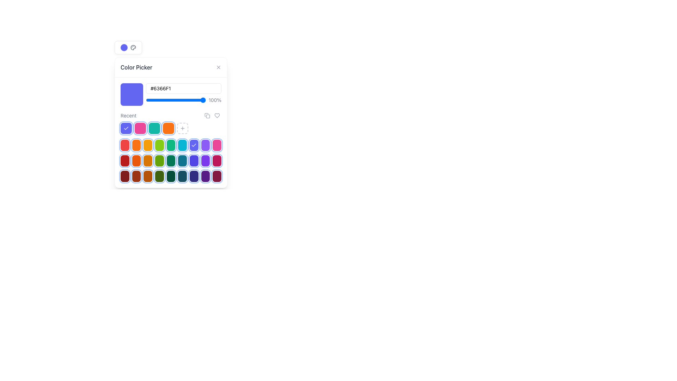 The image size is (677, 381). What do you see at coordinates (158, 100) in the screenshot?
I see `the slider` at bounding box center [158, 100].